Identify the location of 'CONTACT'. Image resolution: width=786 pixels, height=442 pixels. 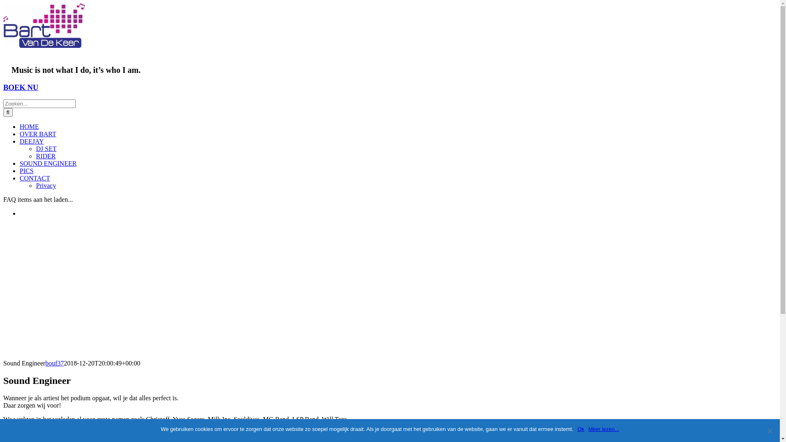
(34, 178).